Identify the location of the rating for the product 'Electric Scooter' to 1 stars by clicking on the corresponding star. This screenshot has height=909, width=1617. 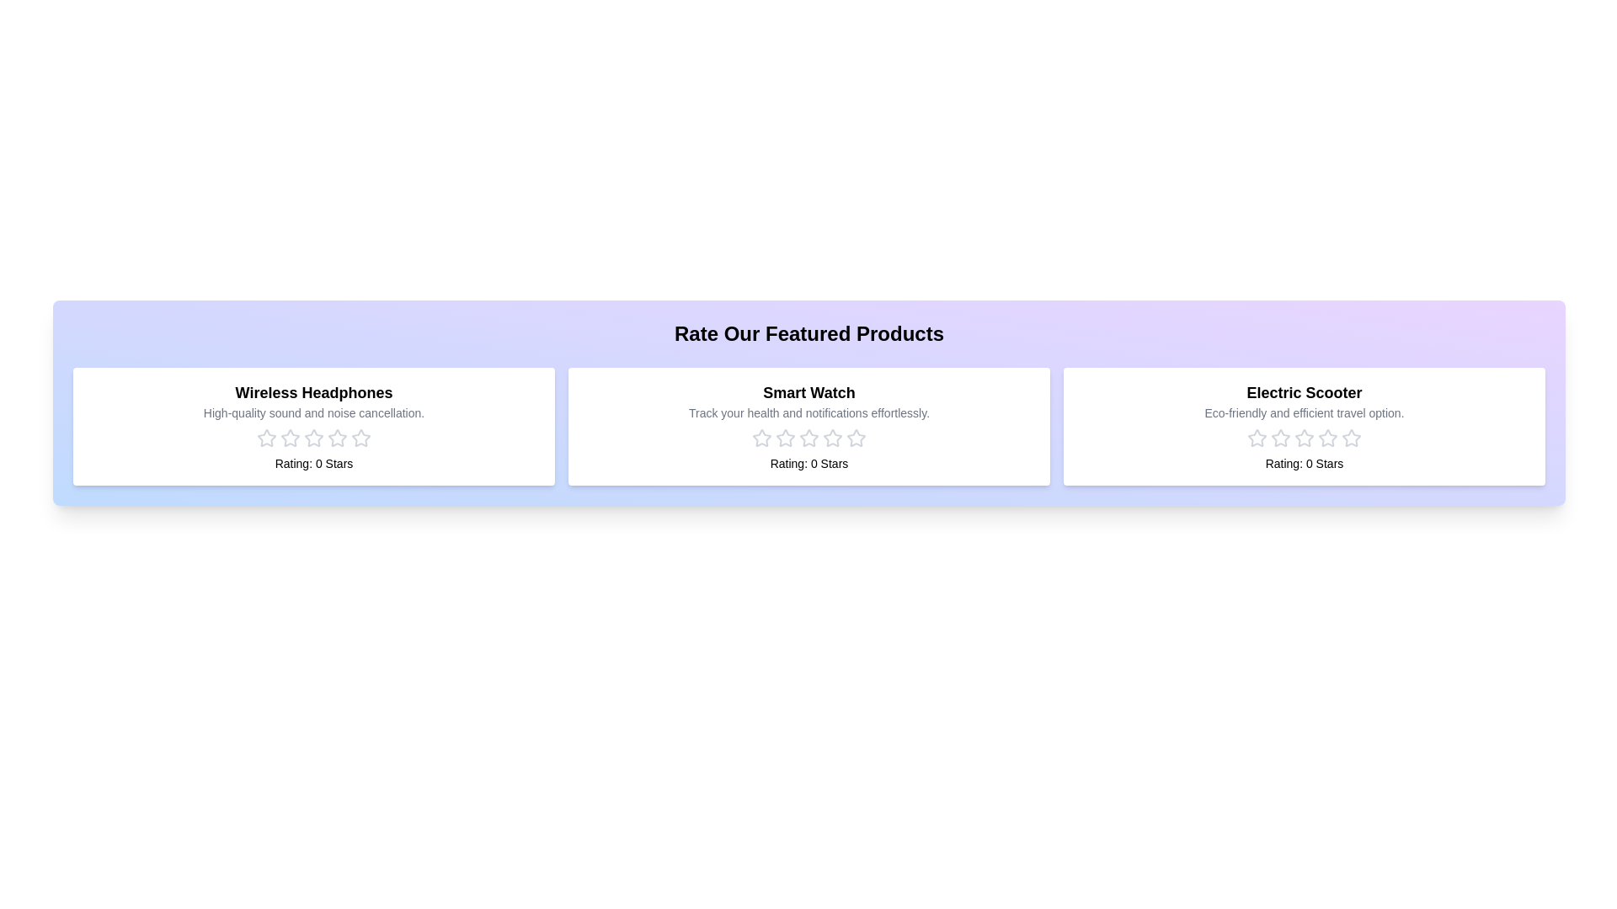
(1257, 437).